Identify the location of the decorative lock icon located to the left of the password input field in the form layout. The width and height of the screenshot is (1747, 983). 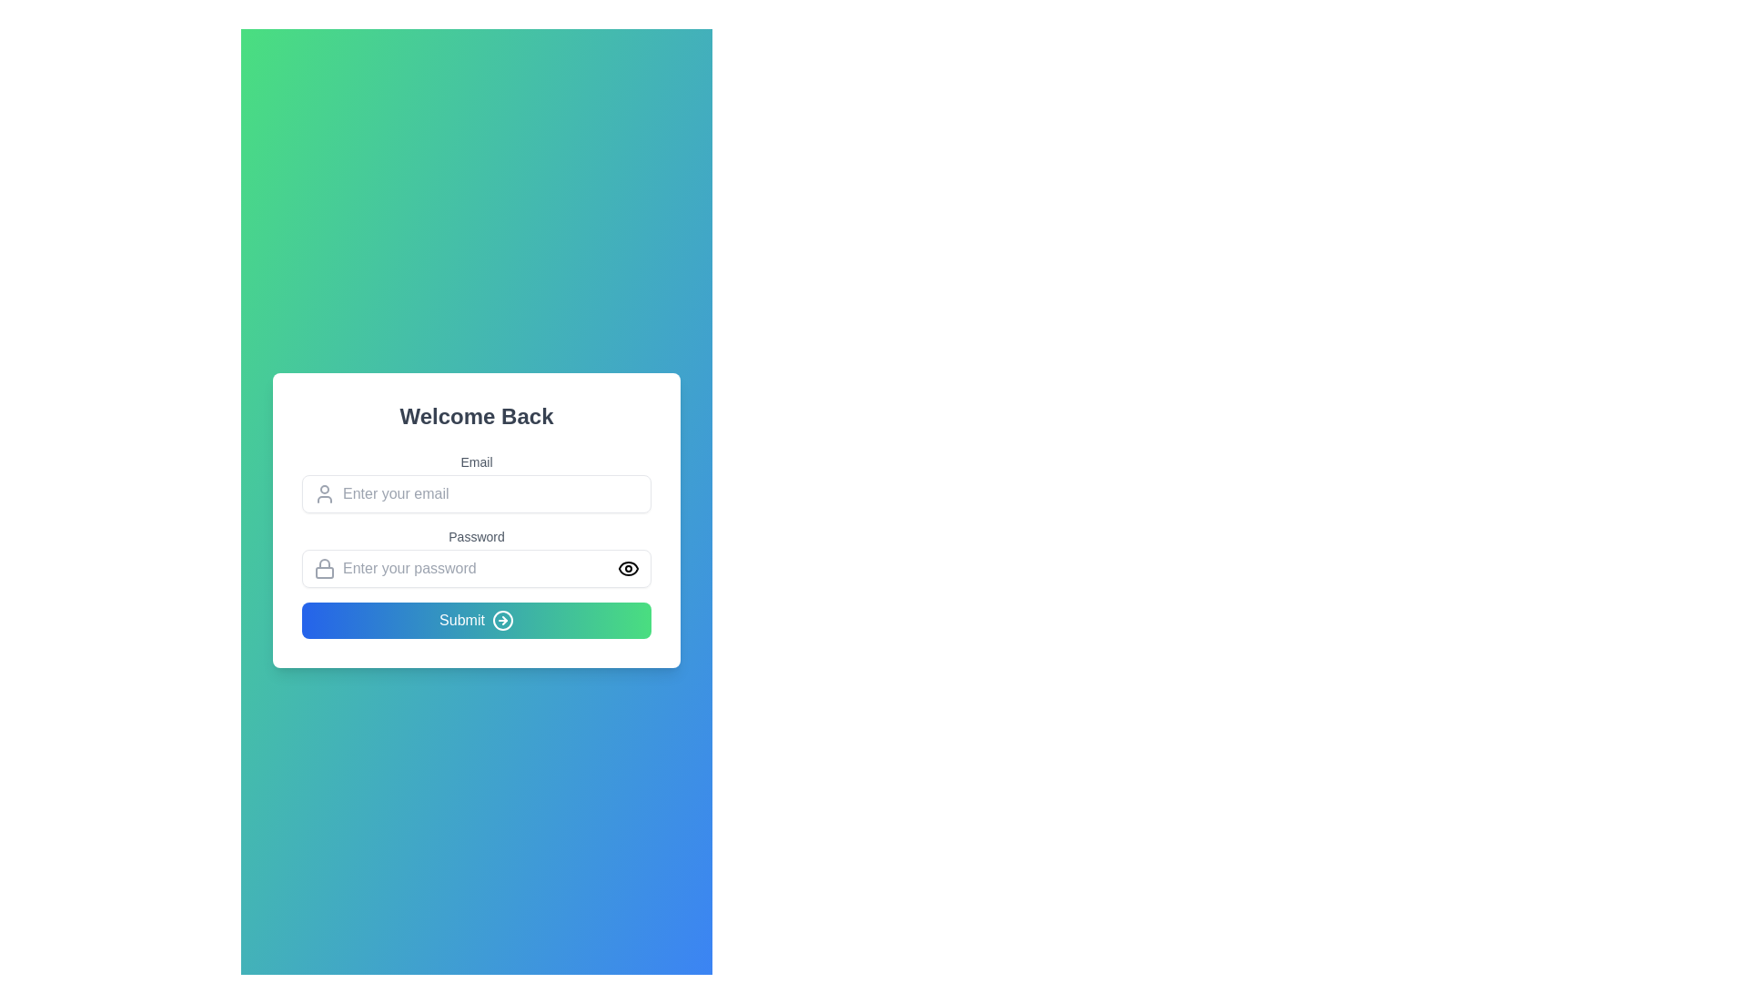
(324, 567).